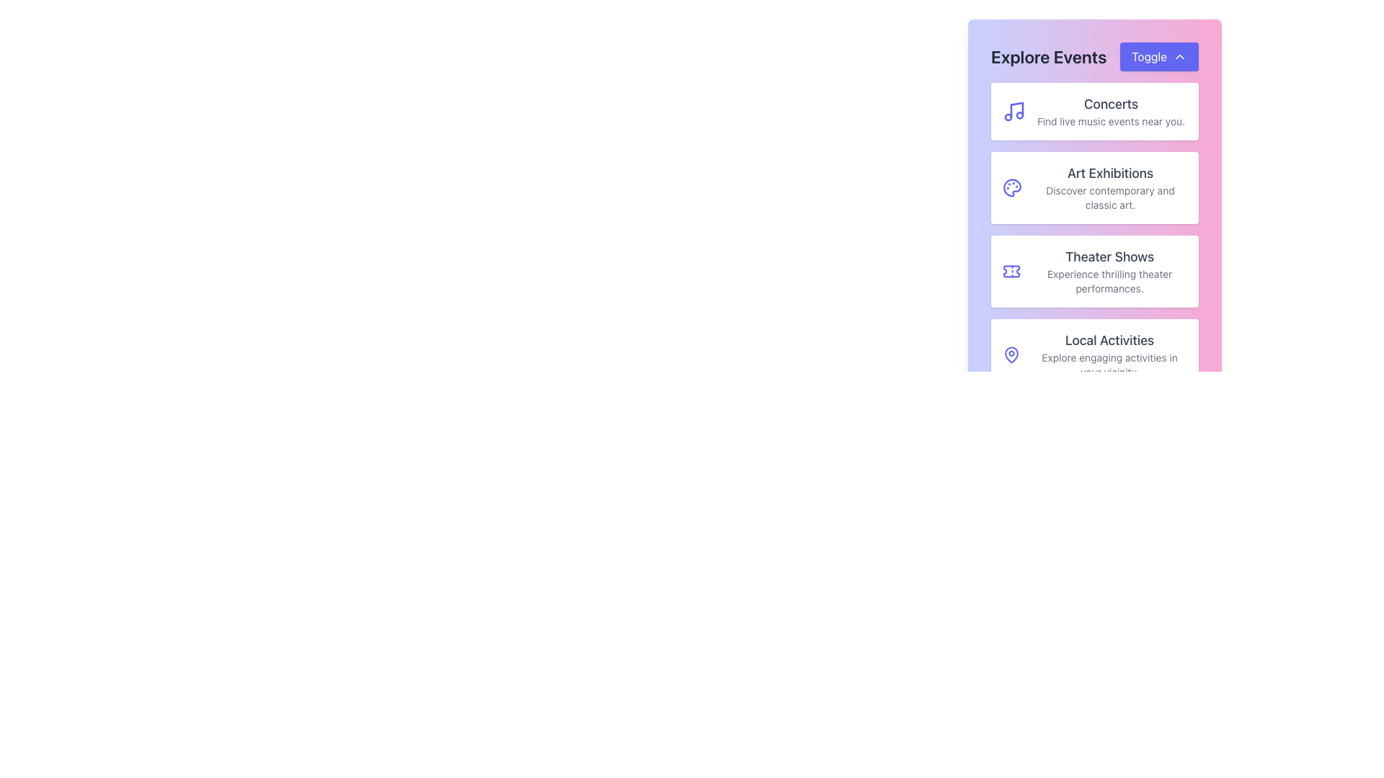 This screenshot has height=778, width=1384. I want to click on the descriptive text located directly beneath the bold header labeled 'Concerts', so click(1110, 121).